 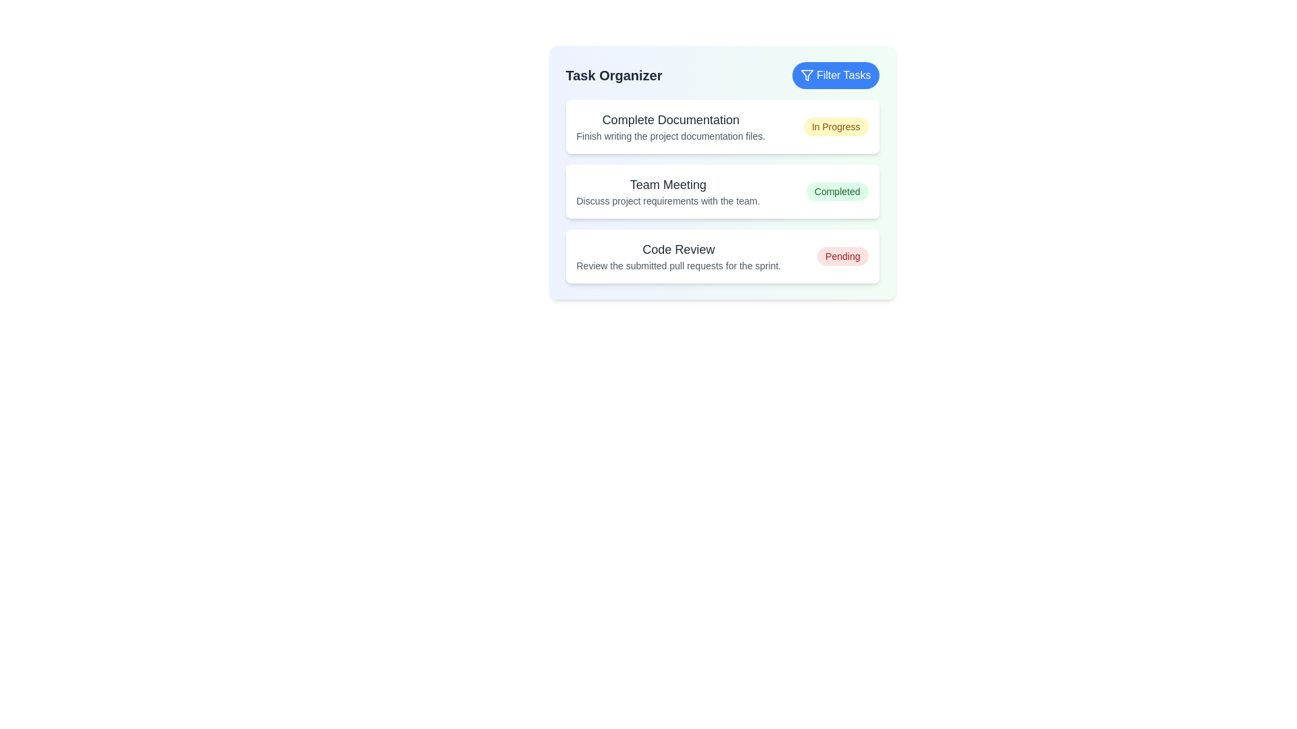 I want to click on the 'Filter Tasks' button to filter tasks, so click(x=835, y=75).